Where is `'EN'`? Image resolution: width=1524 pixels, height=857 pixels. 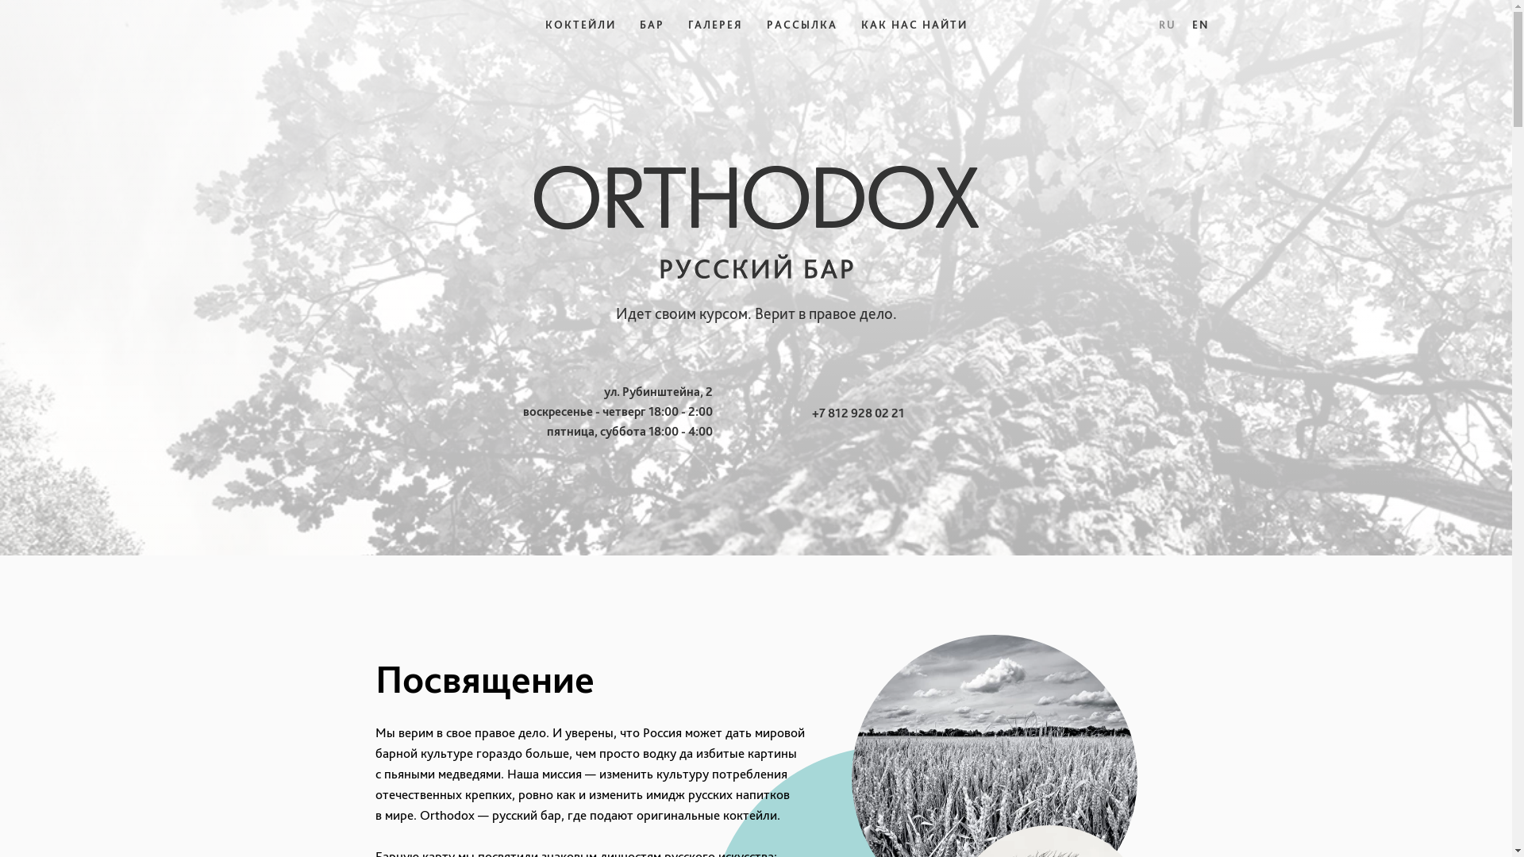
'EN' is located at coordinates (1200, 24).